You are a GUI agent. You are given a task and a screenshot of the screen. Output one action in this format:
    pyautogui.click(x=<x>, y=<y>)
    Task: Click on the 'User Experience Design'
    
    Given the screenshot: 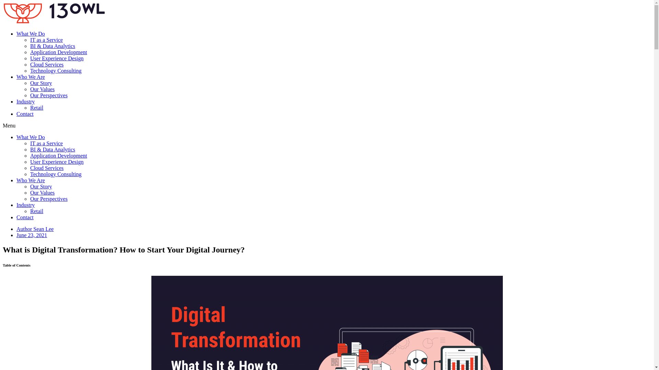 What is the action you would take?
    pyautogui.click(x=30, y=58)
    